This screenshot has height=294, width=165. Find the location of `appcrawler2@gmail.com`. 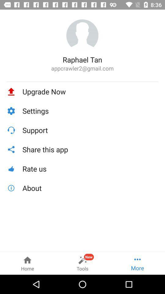

appcrawler2@gmail.com is located at coordinates (82, 68).